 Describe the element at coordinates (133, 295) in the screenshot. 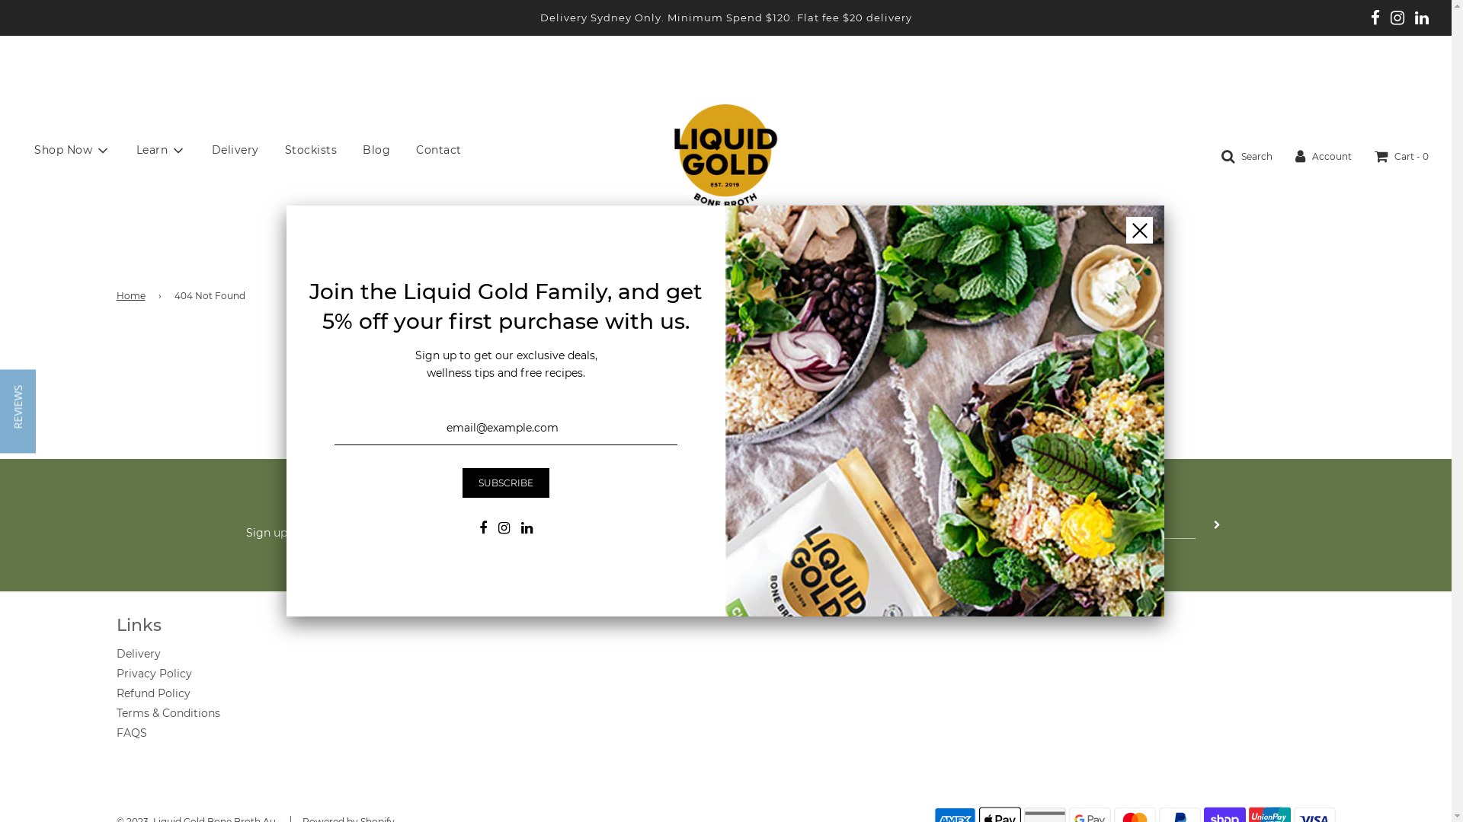

I see `'Home'` at that location.